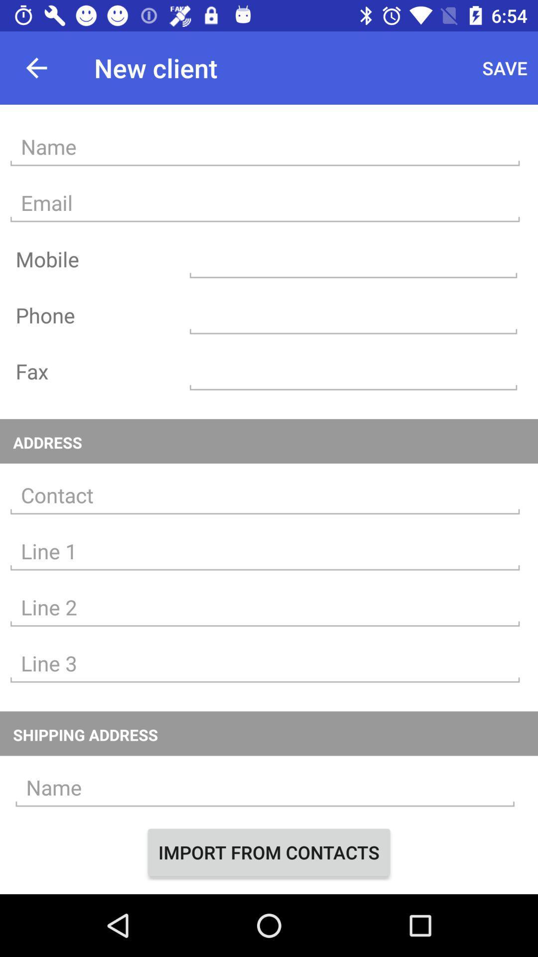 The image size is (538, 957). I want to click on the import from contacts, so click(269, 851).